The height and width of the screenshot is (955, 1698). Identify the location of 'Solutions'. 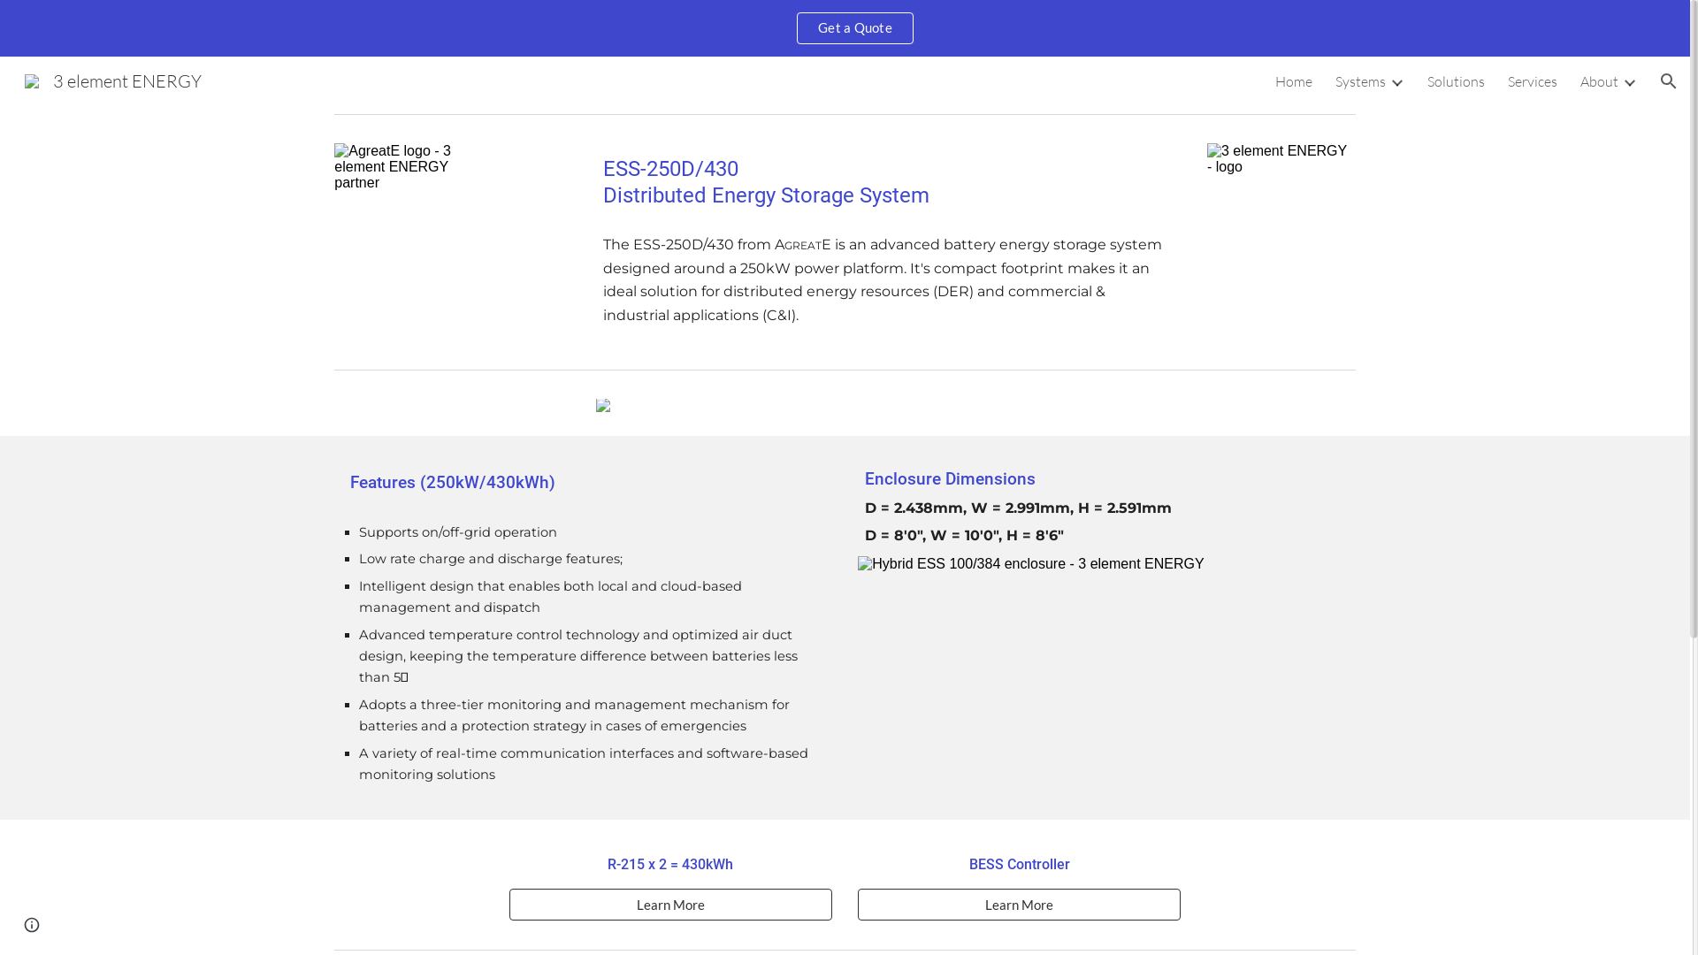
(1456, 81).